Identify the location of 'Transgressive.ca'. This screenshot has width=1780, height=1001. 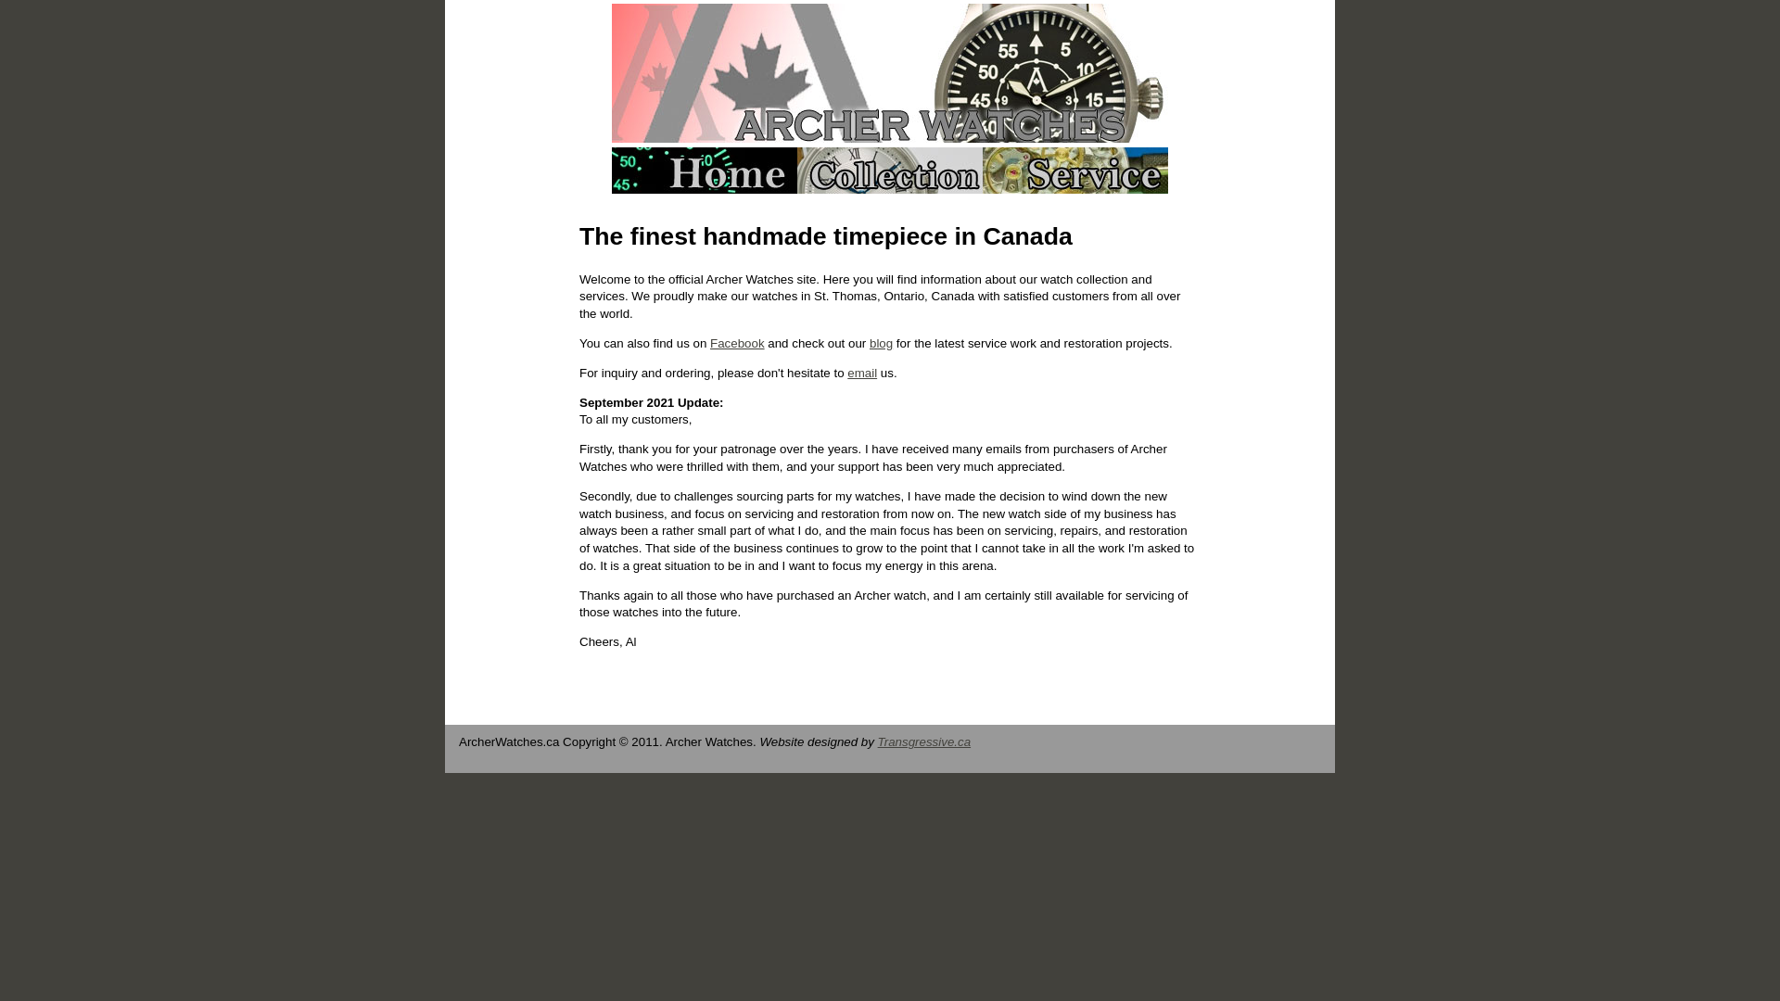
(924, 741).